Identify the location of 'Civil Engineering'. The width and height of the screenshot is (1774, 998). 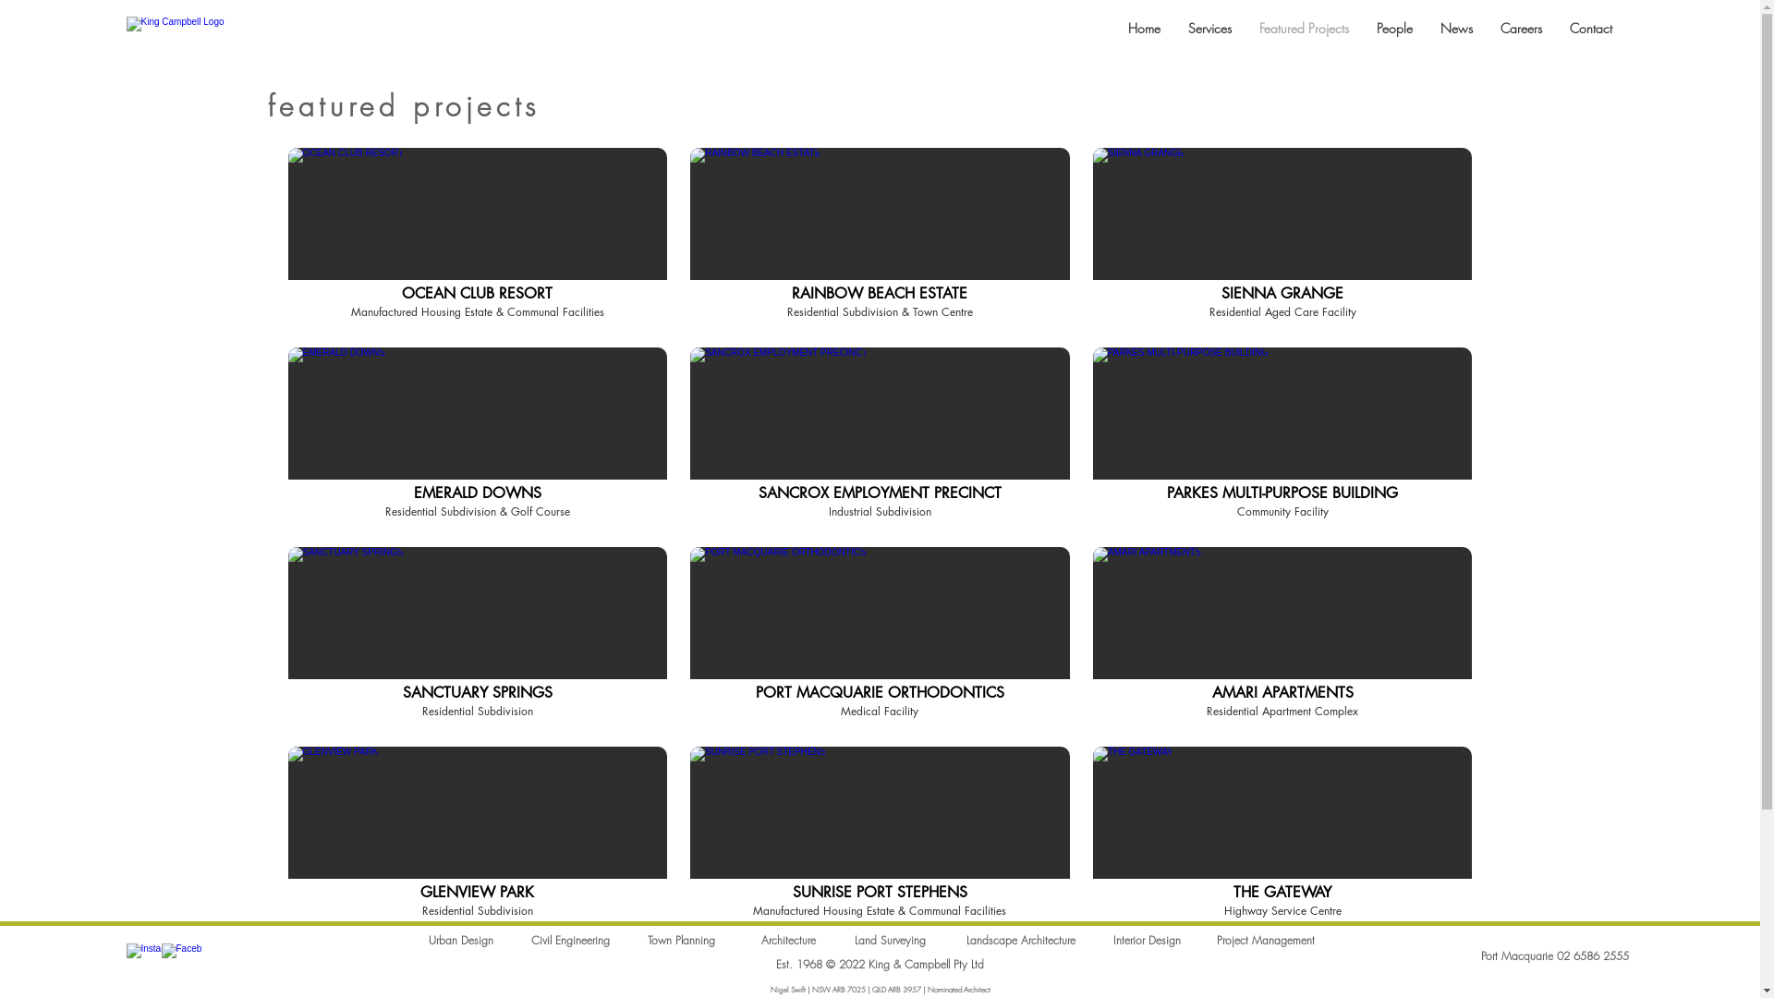
(568, 940).